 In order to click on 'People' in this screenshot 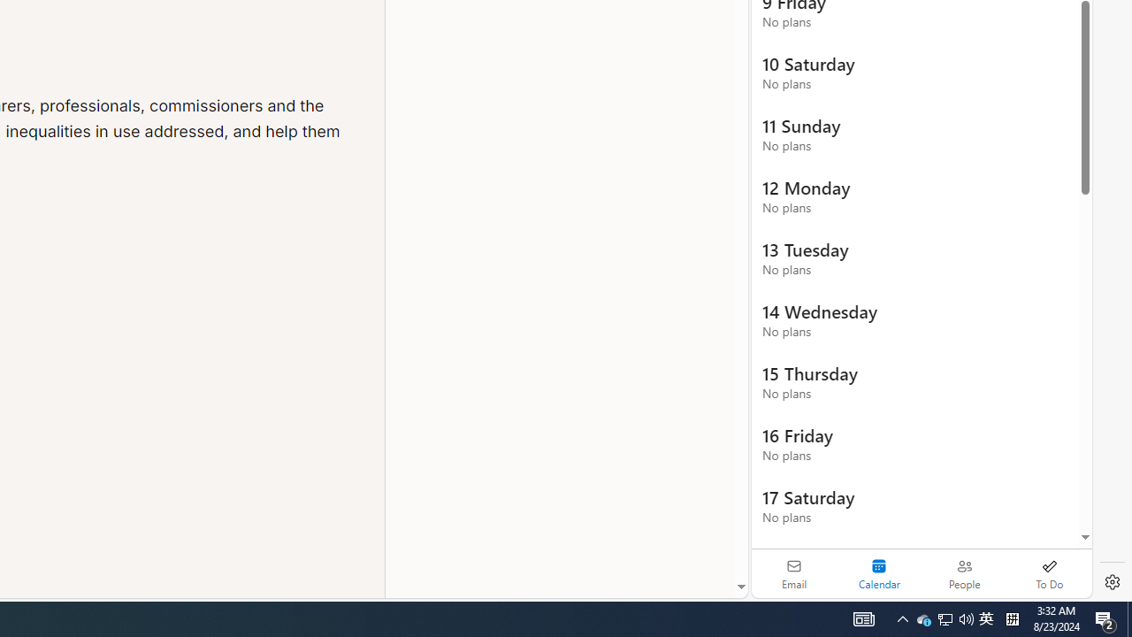, I will do `click(963, 573)`.